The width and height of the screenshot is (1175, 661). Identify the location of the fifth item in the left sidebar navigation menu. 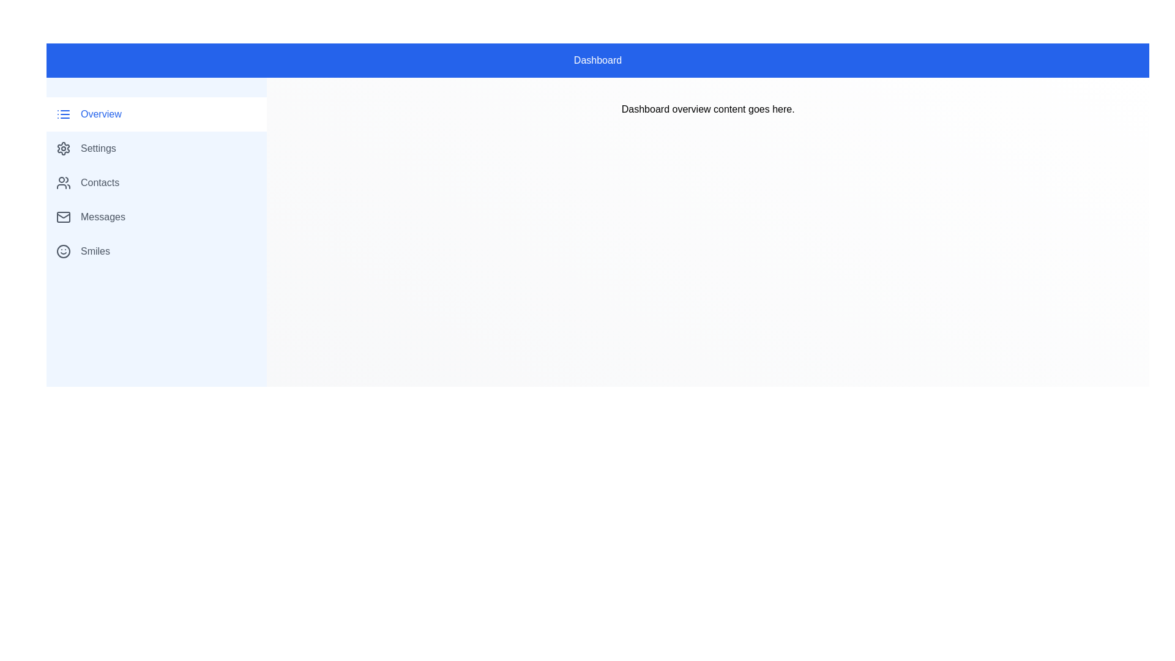
(156, 251).